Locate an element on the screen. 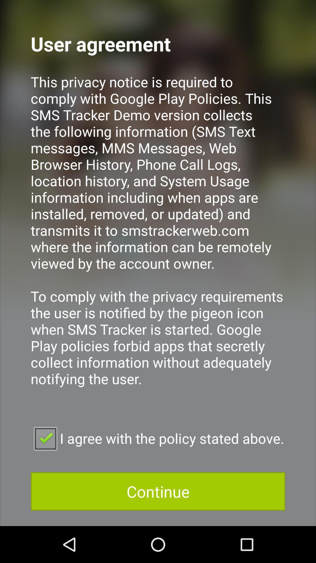  the continue item is located at coordinates (158, 491).